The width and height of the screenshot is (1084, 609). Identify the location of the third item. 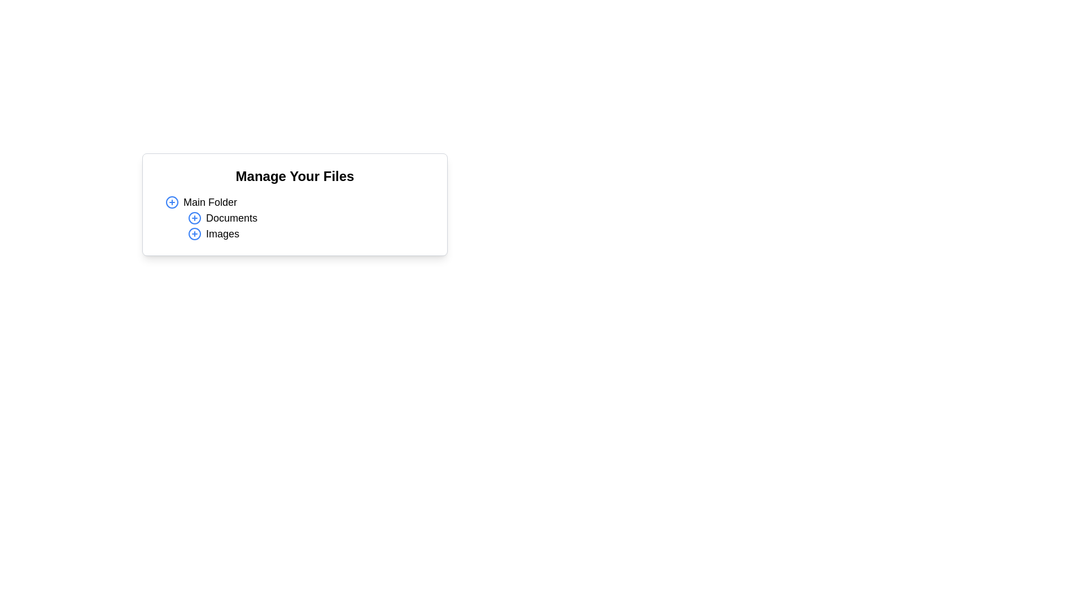
(311, 233).